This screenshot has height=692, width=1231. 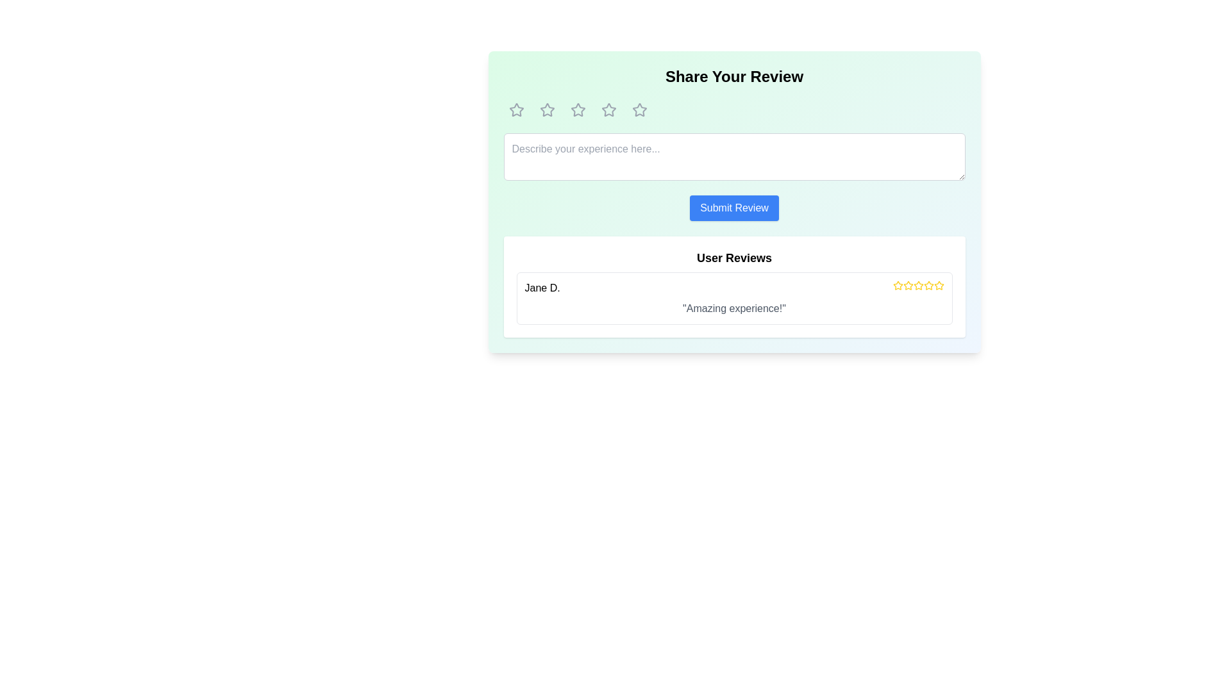 What do you see at coordinates (907, 285) in the screenshot?
I see `the third rating star, which is styled with a yellow fill and a thin gray outline, to interact with the rating system` at bounding box center [907, 285].